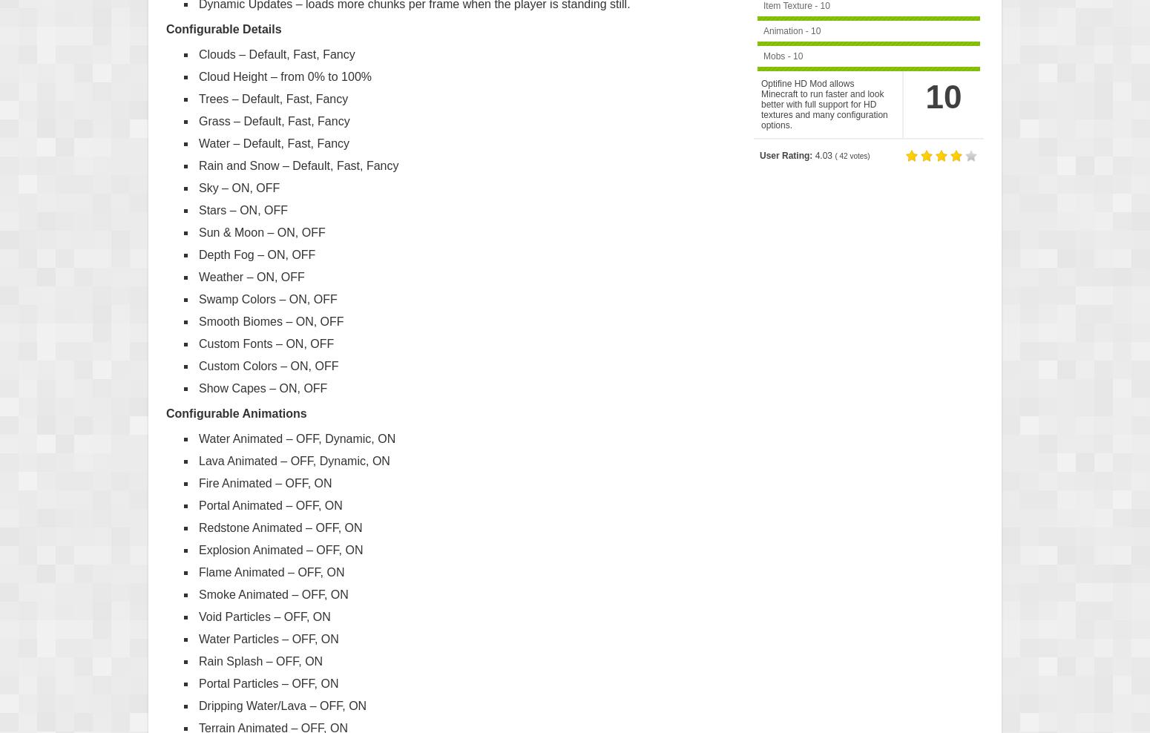 This screenshot has height=733, width=1150. Describe the element at coordinates (942, 96) in the screenshot. I see `'10'` at that location.